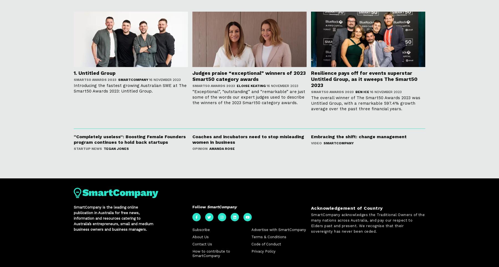  What do you see at coordinates (266, 244) in the screenshot?
I see `'Code of Conduct'` at bounding box center [266, 244].